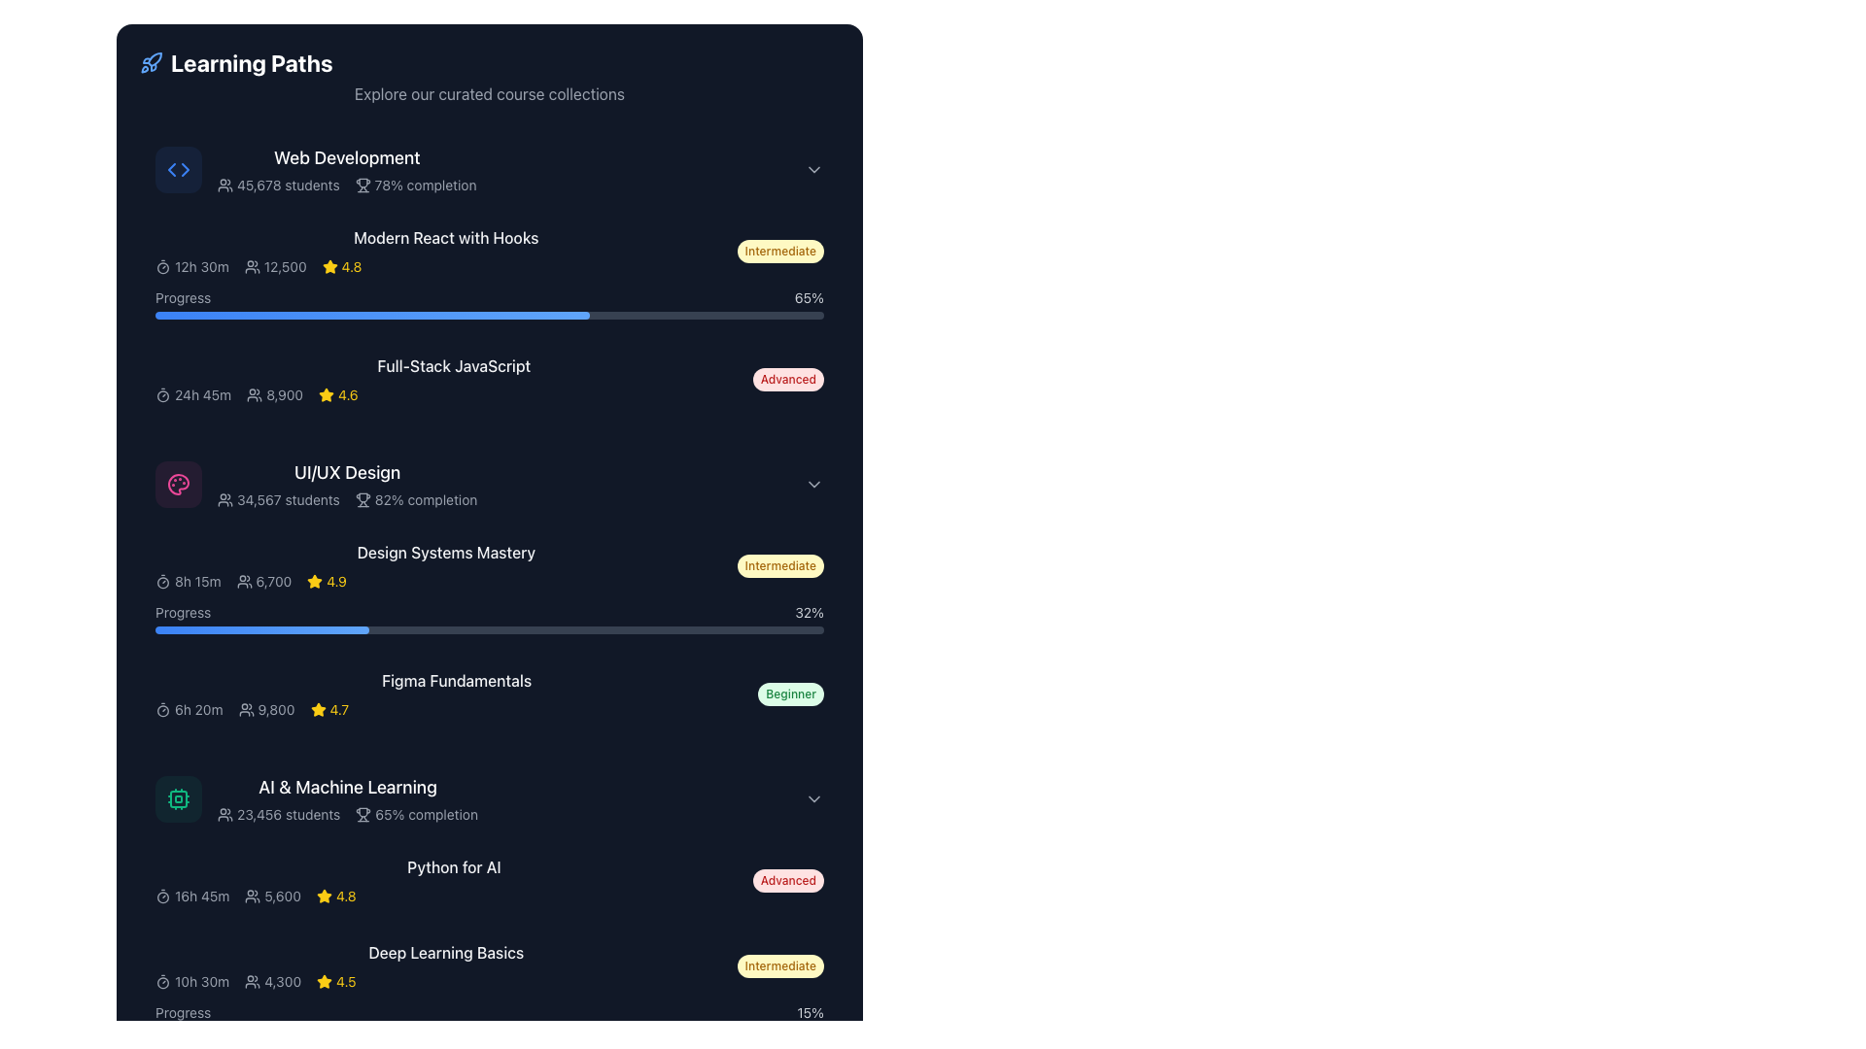 The image size is (1866, 1049). Describe the element at coordinates (348, 787) in the screenshot. I see `the 'AI & Machine Learning' course title text label` at that location.